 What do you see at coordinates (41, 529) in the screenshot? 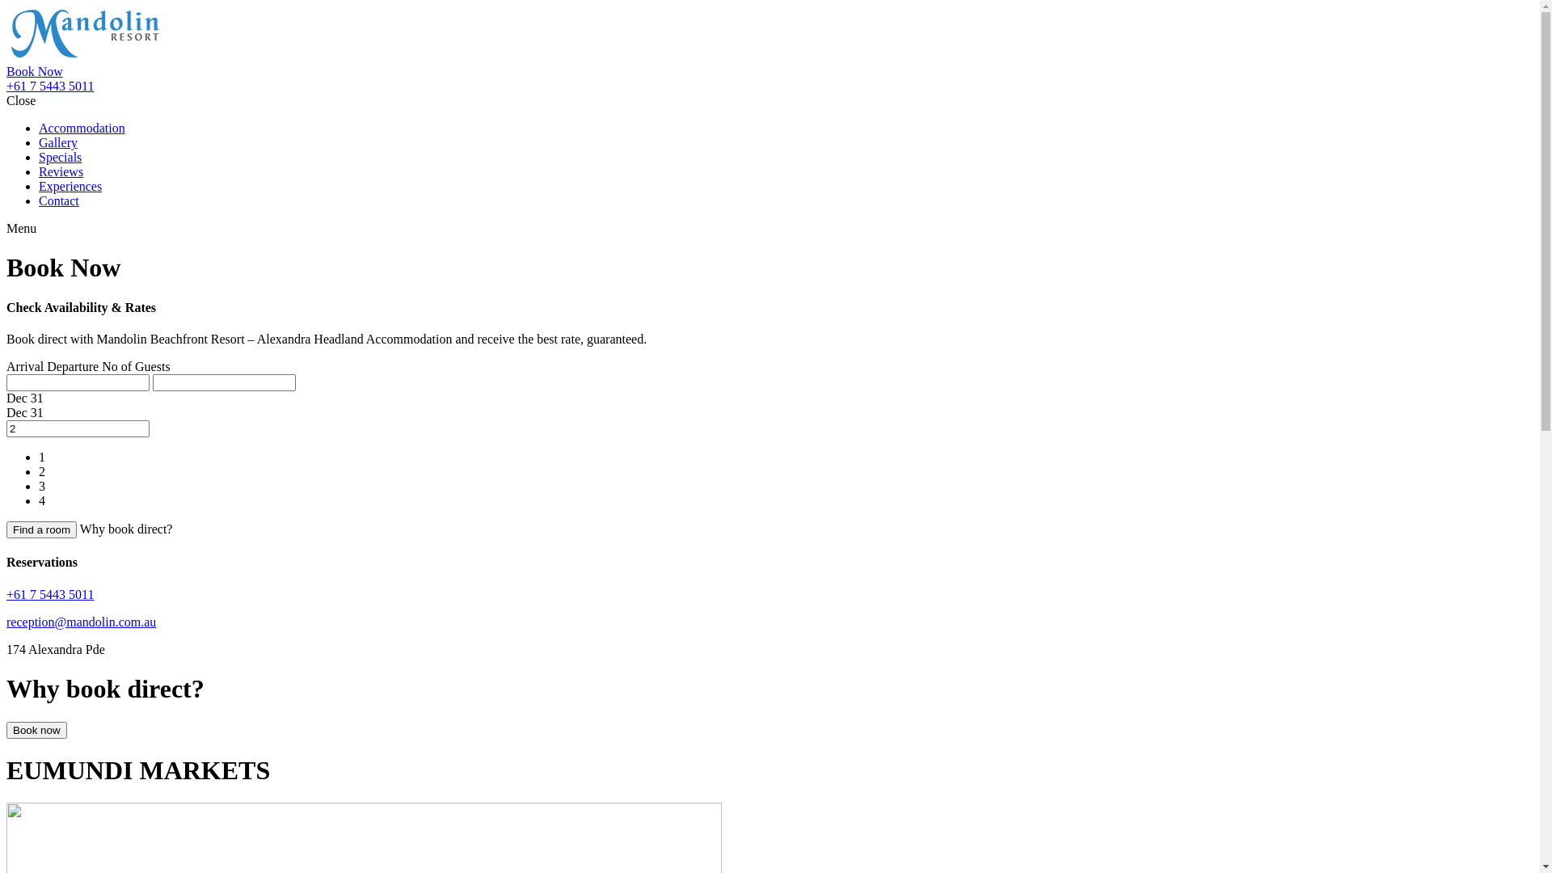
I see `'Find a room'` at bounding box center [41, 529].